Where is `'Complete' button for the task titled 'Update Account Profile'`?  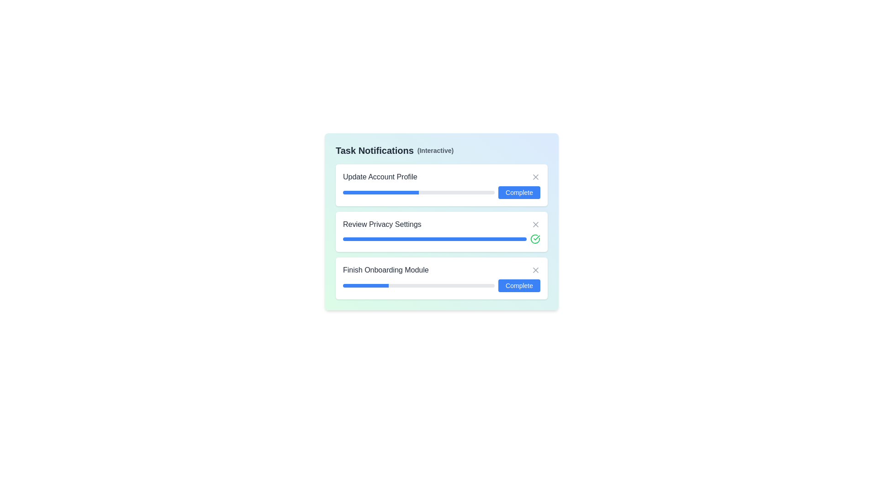 'Complete' button for the task titled 'Update Account Profile' is located at coordinates (519, 192).